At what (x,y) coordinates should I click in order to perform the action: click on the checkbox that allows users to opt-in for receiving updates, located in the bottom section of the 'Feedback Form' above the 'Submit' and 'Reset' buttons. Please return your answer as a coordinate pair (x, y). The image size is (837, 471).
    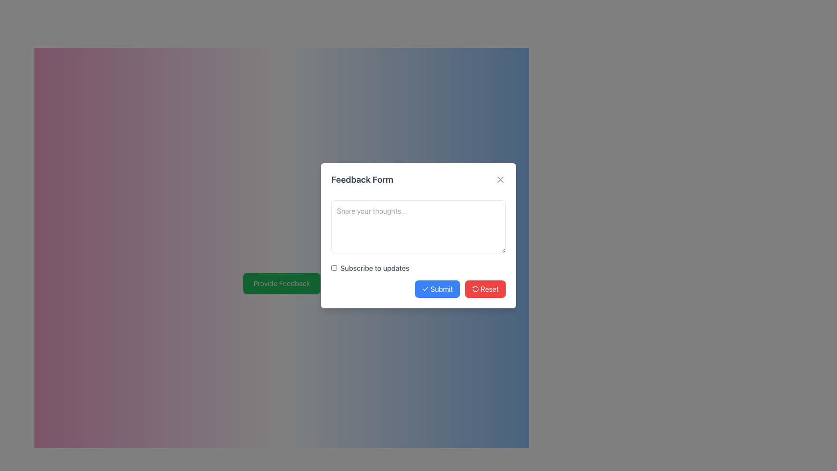
    Looking at the image, I should click on (418, 267).